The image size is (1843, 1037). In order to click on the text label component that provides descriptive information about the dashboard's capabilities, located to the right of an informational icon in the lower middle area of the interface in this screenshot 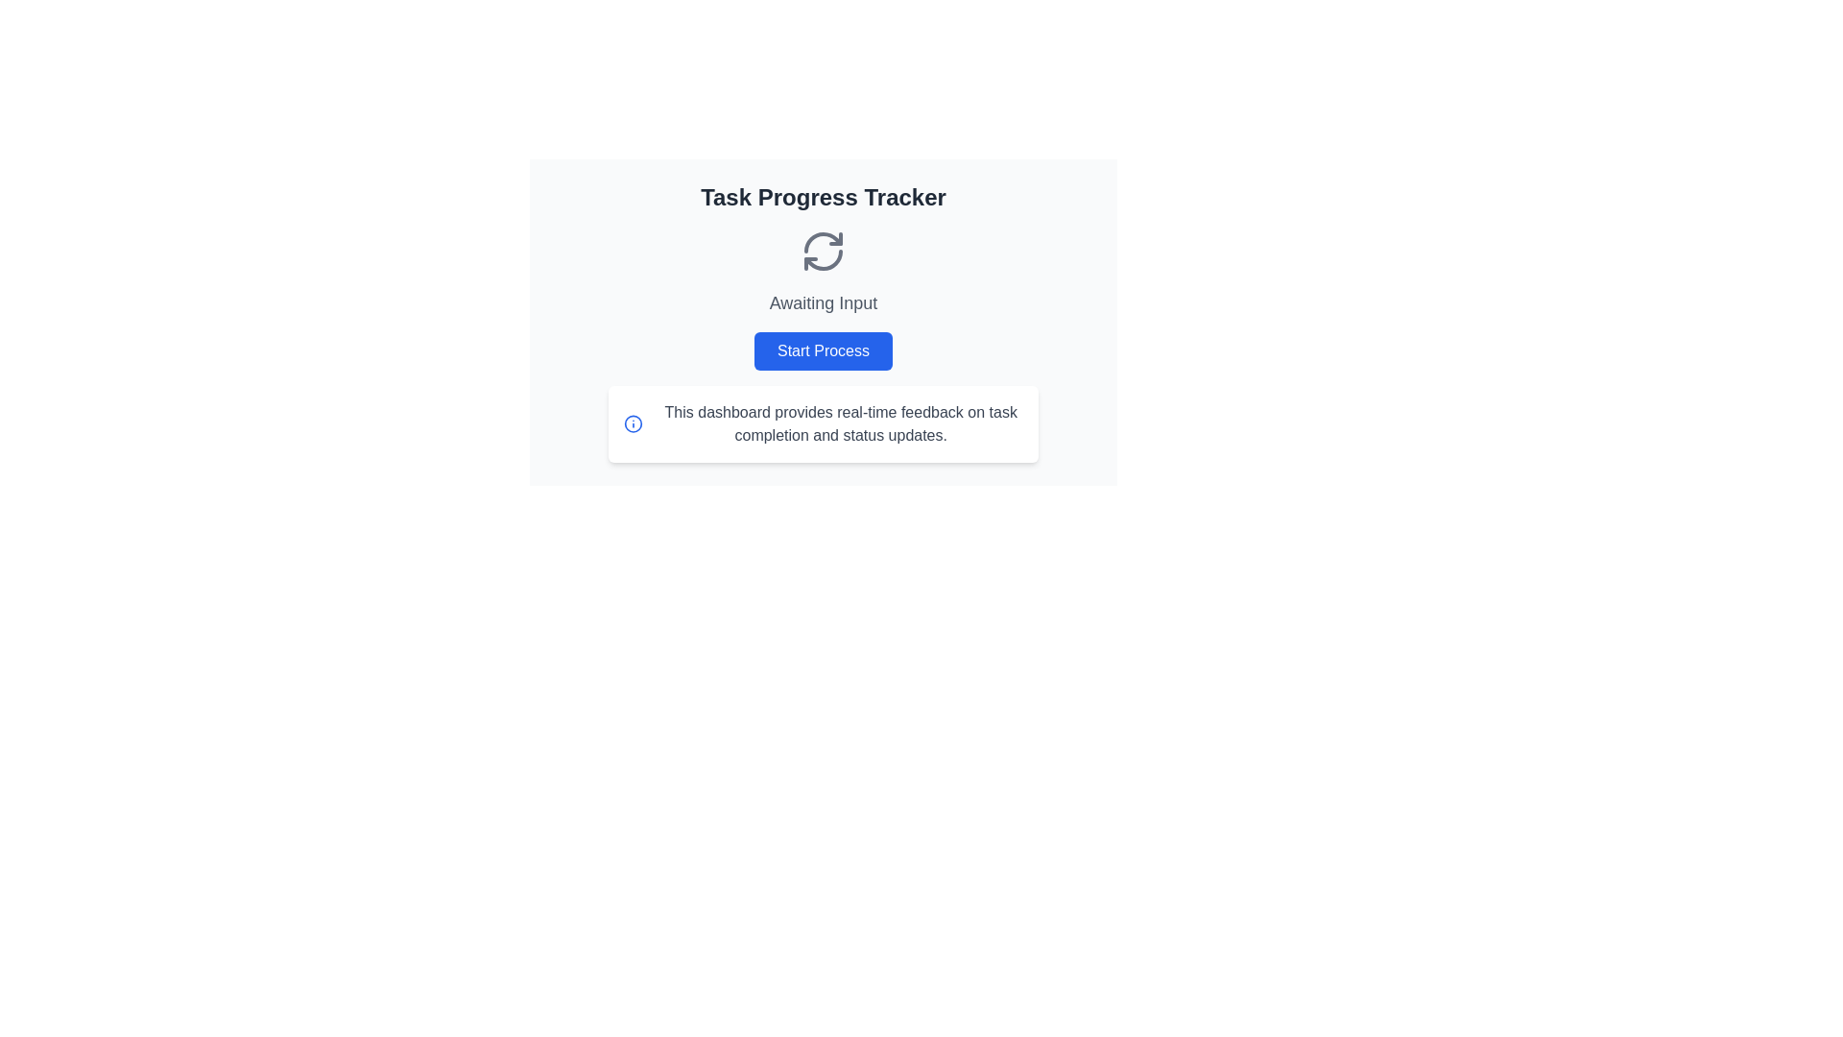, I will do `click(841, 423)`.